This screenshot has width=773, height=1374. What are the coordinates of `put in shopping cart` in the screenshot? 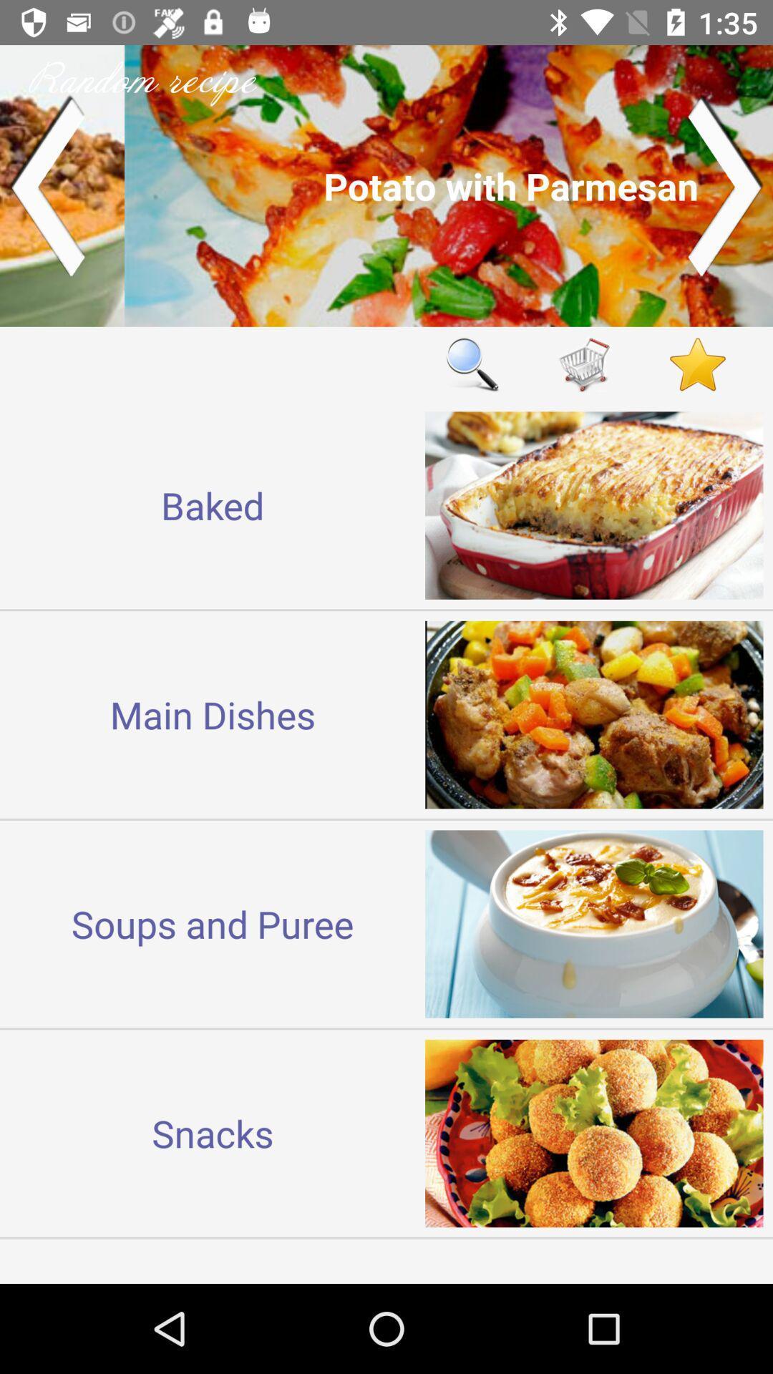 It's located at (585, 364).